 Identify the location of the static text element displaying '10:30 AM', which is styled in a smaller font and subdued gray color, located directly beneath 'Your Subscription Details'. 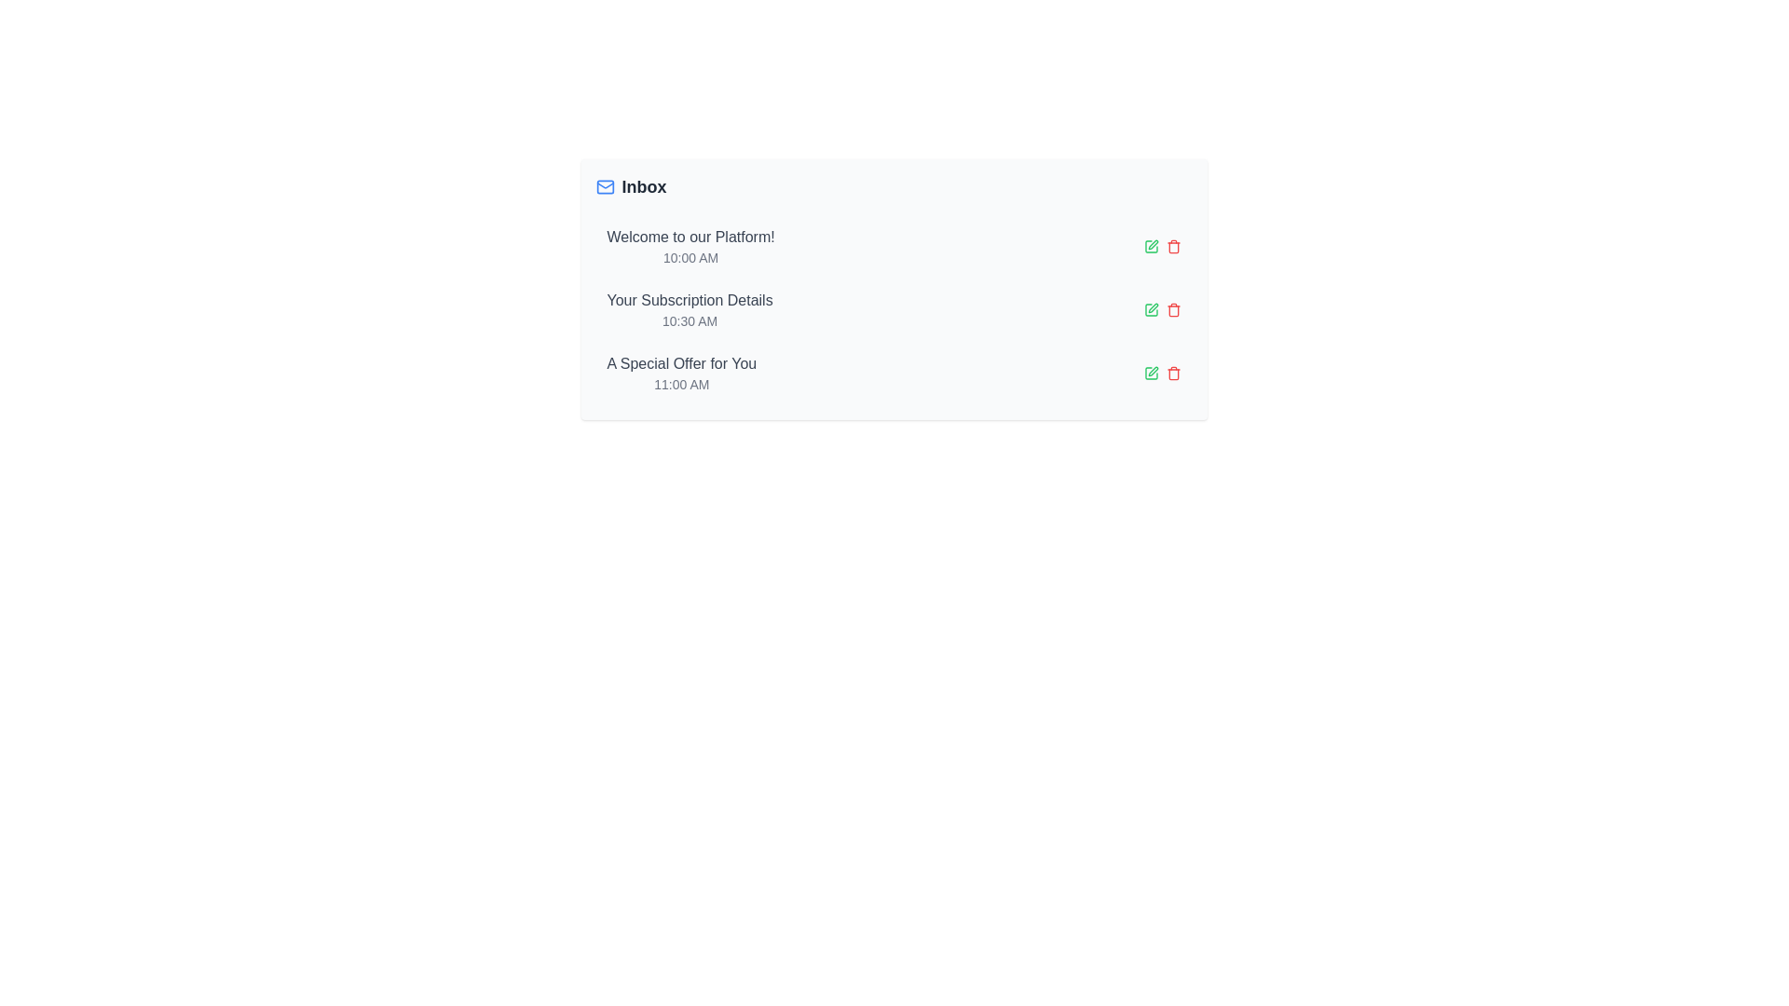
(689, 319).